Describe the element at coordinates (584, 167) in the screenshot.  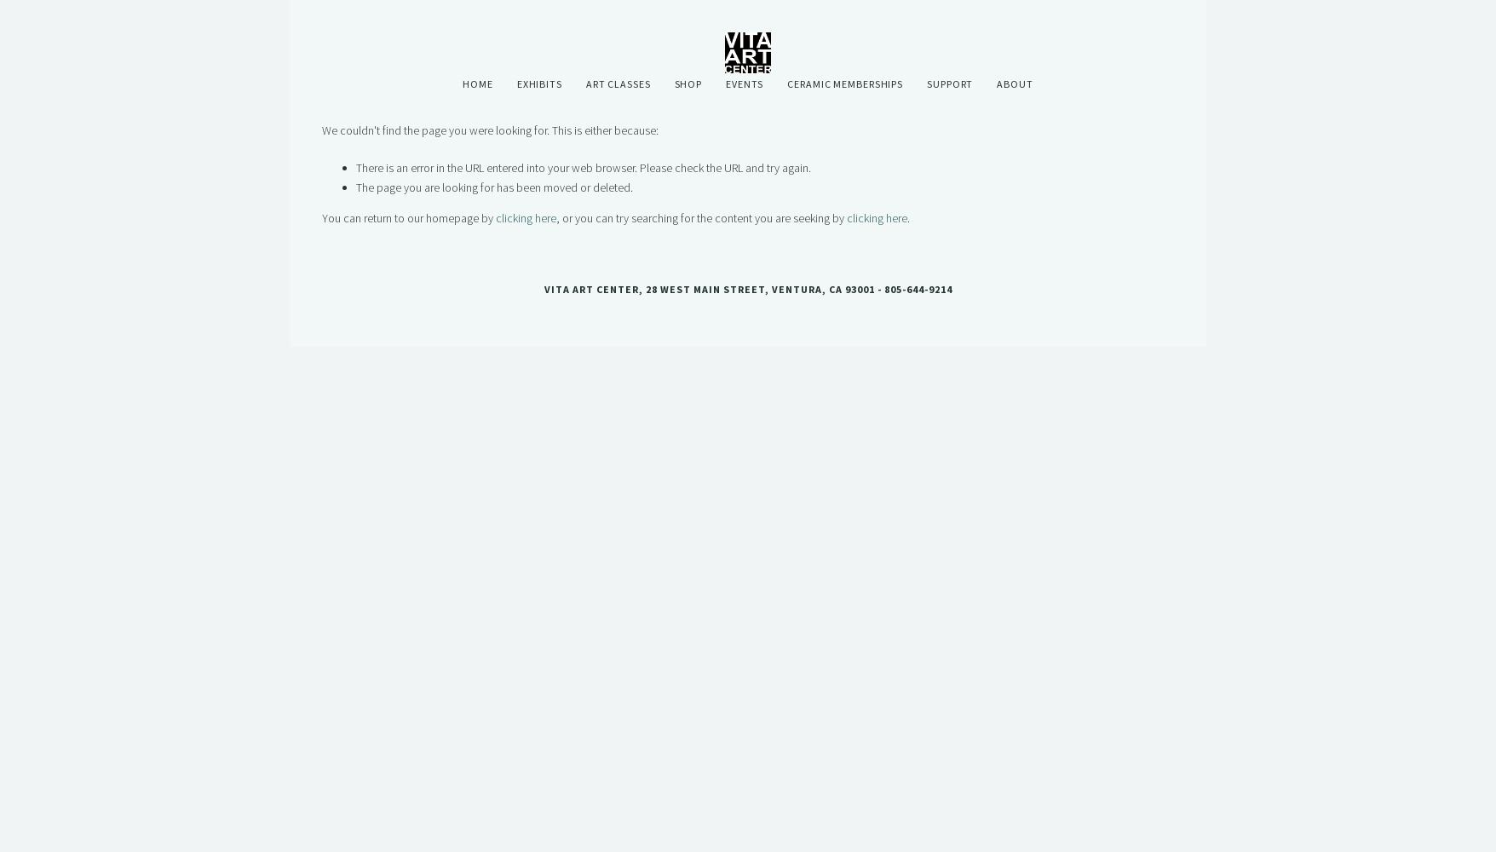
I see `'There is an error in the URL entered into your web browser. Please check the URL and try again.'` at that location.